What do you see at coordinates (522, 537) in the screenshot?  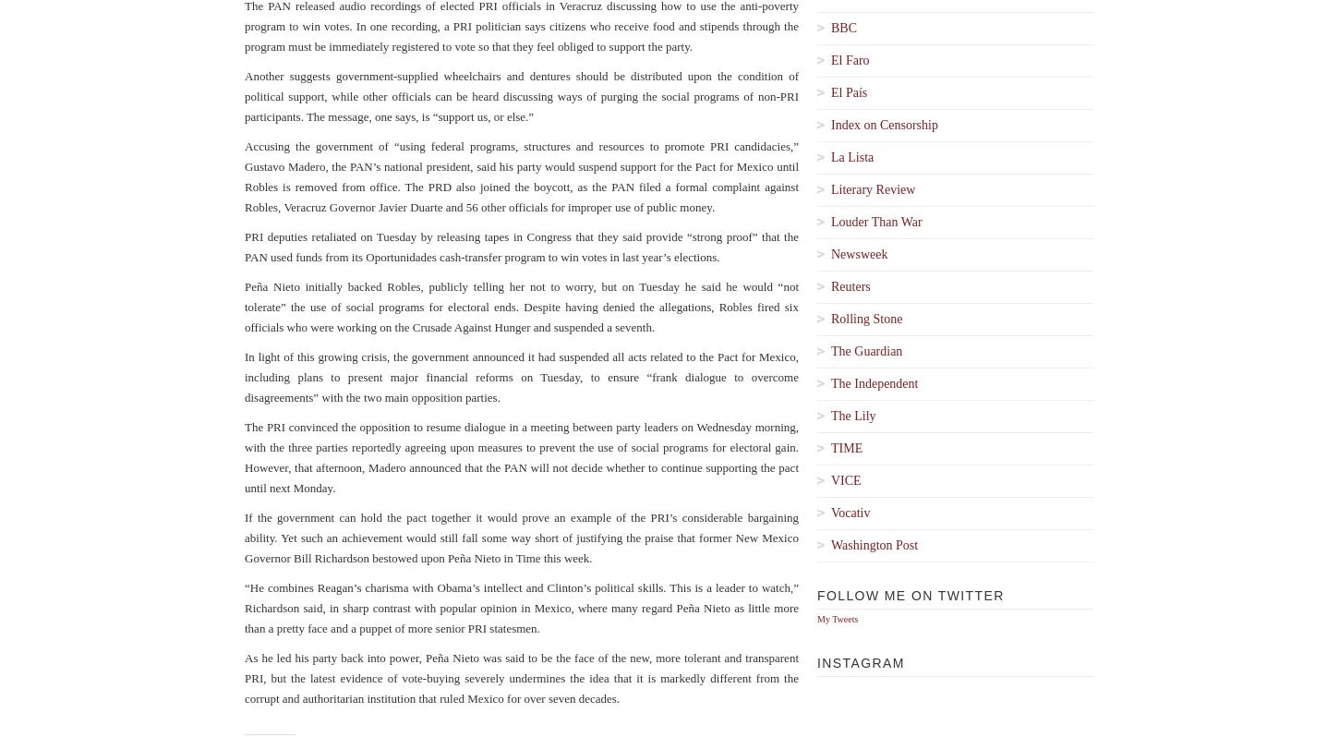 I see `'If the government can hold the pact together it would prove an example of the PRI’s considerable bargaining ability. Yet such an achievement would still fall some way short of justifying the praise that former New Mexico Governor Bill Richardson bestowed upon Peña Nieto in Time this week.'` at bounding box center [522, 537].